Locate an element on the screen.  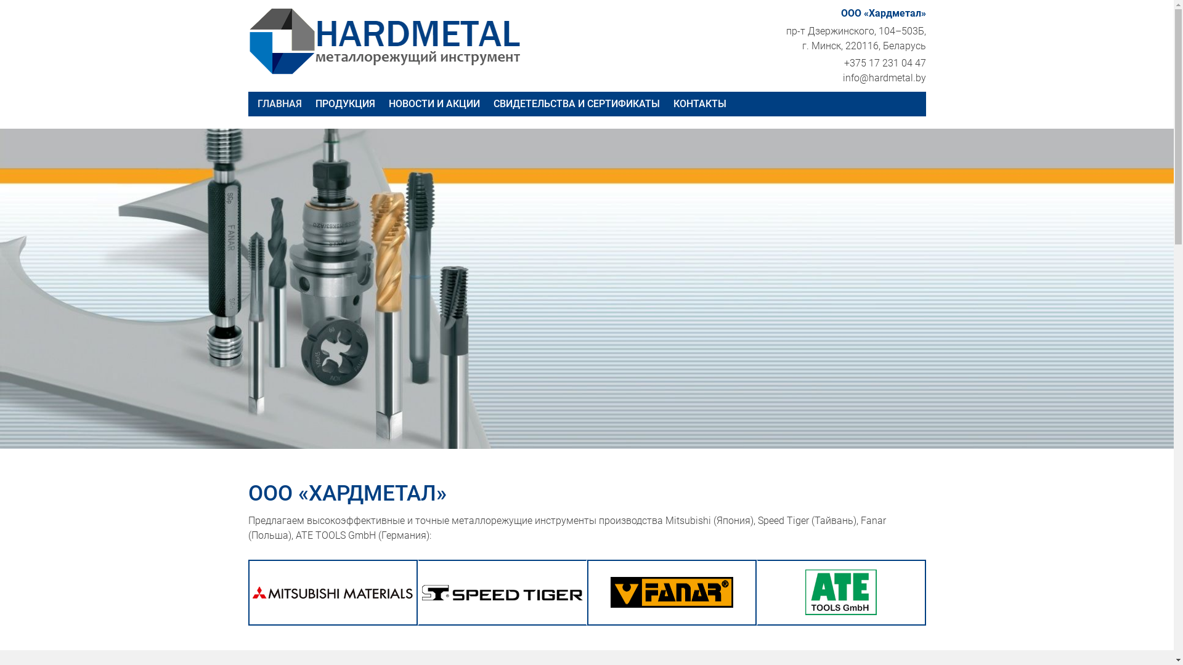
'2' is located at coordinates (580, 423).